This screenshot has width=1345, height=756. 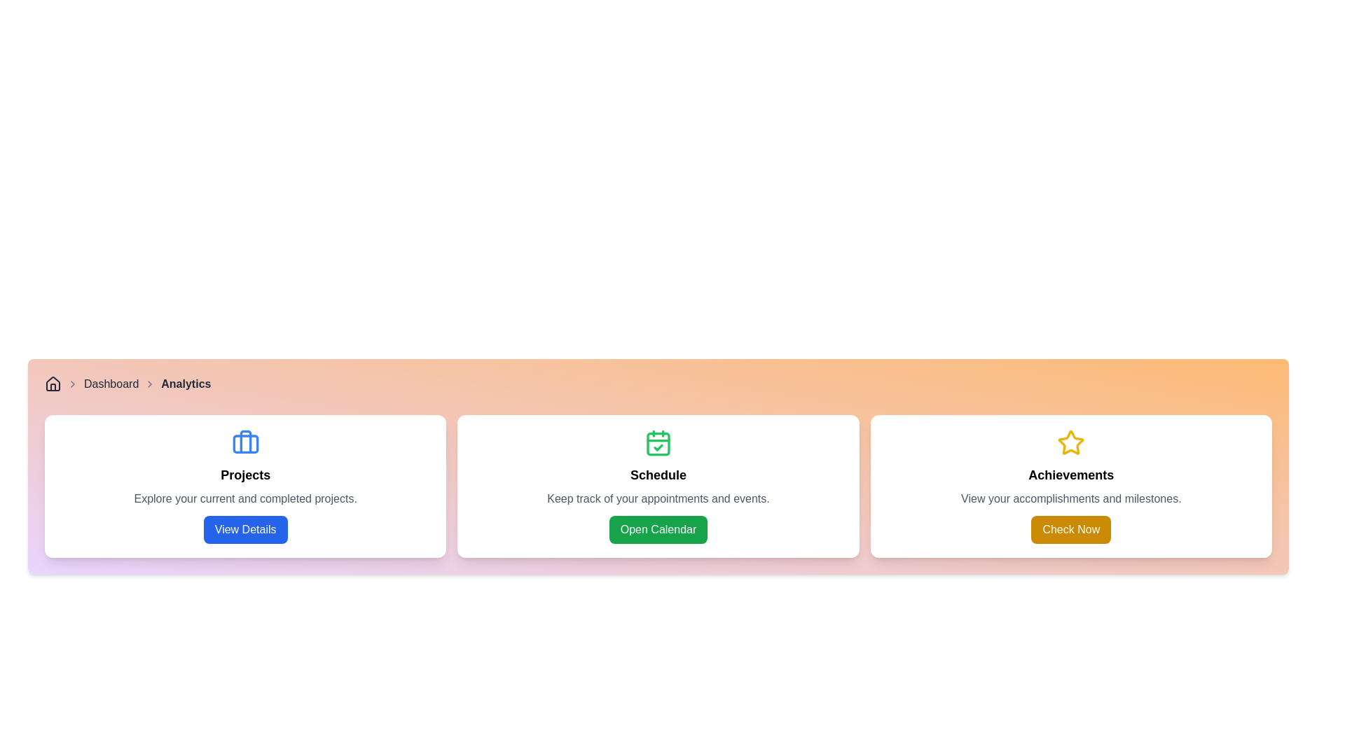 I want to click on the second right-facing chevron icon in the breadcrumb navigation, which indicates the user is in the 'Analytics' section under the 'Dashboard.', so click(x=150, y=384).